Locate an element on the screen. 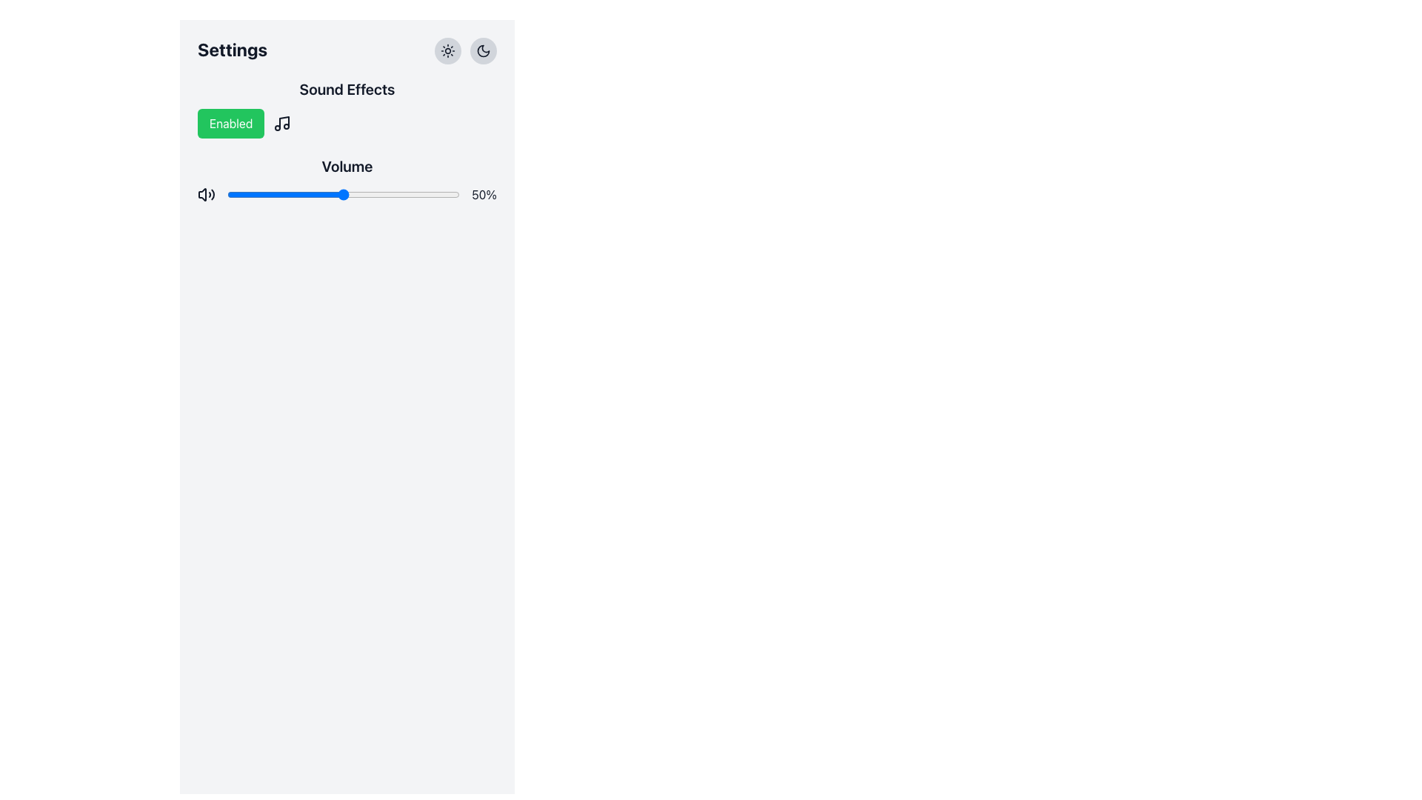 This screenshot has height=800, width=1422. the interactive button group in the top-right corner of the interface is located at coordinates (464, 50).